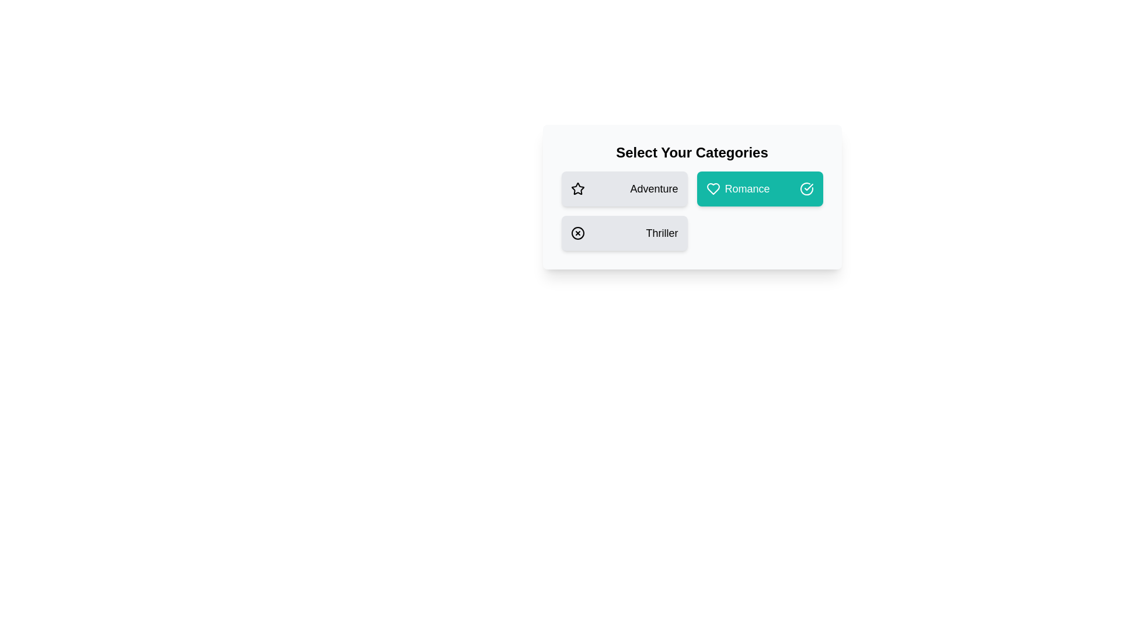 The image size is (1121, 630). I want to click on the icon for the category Adventure, so click(577, 188).